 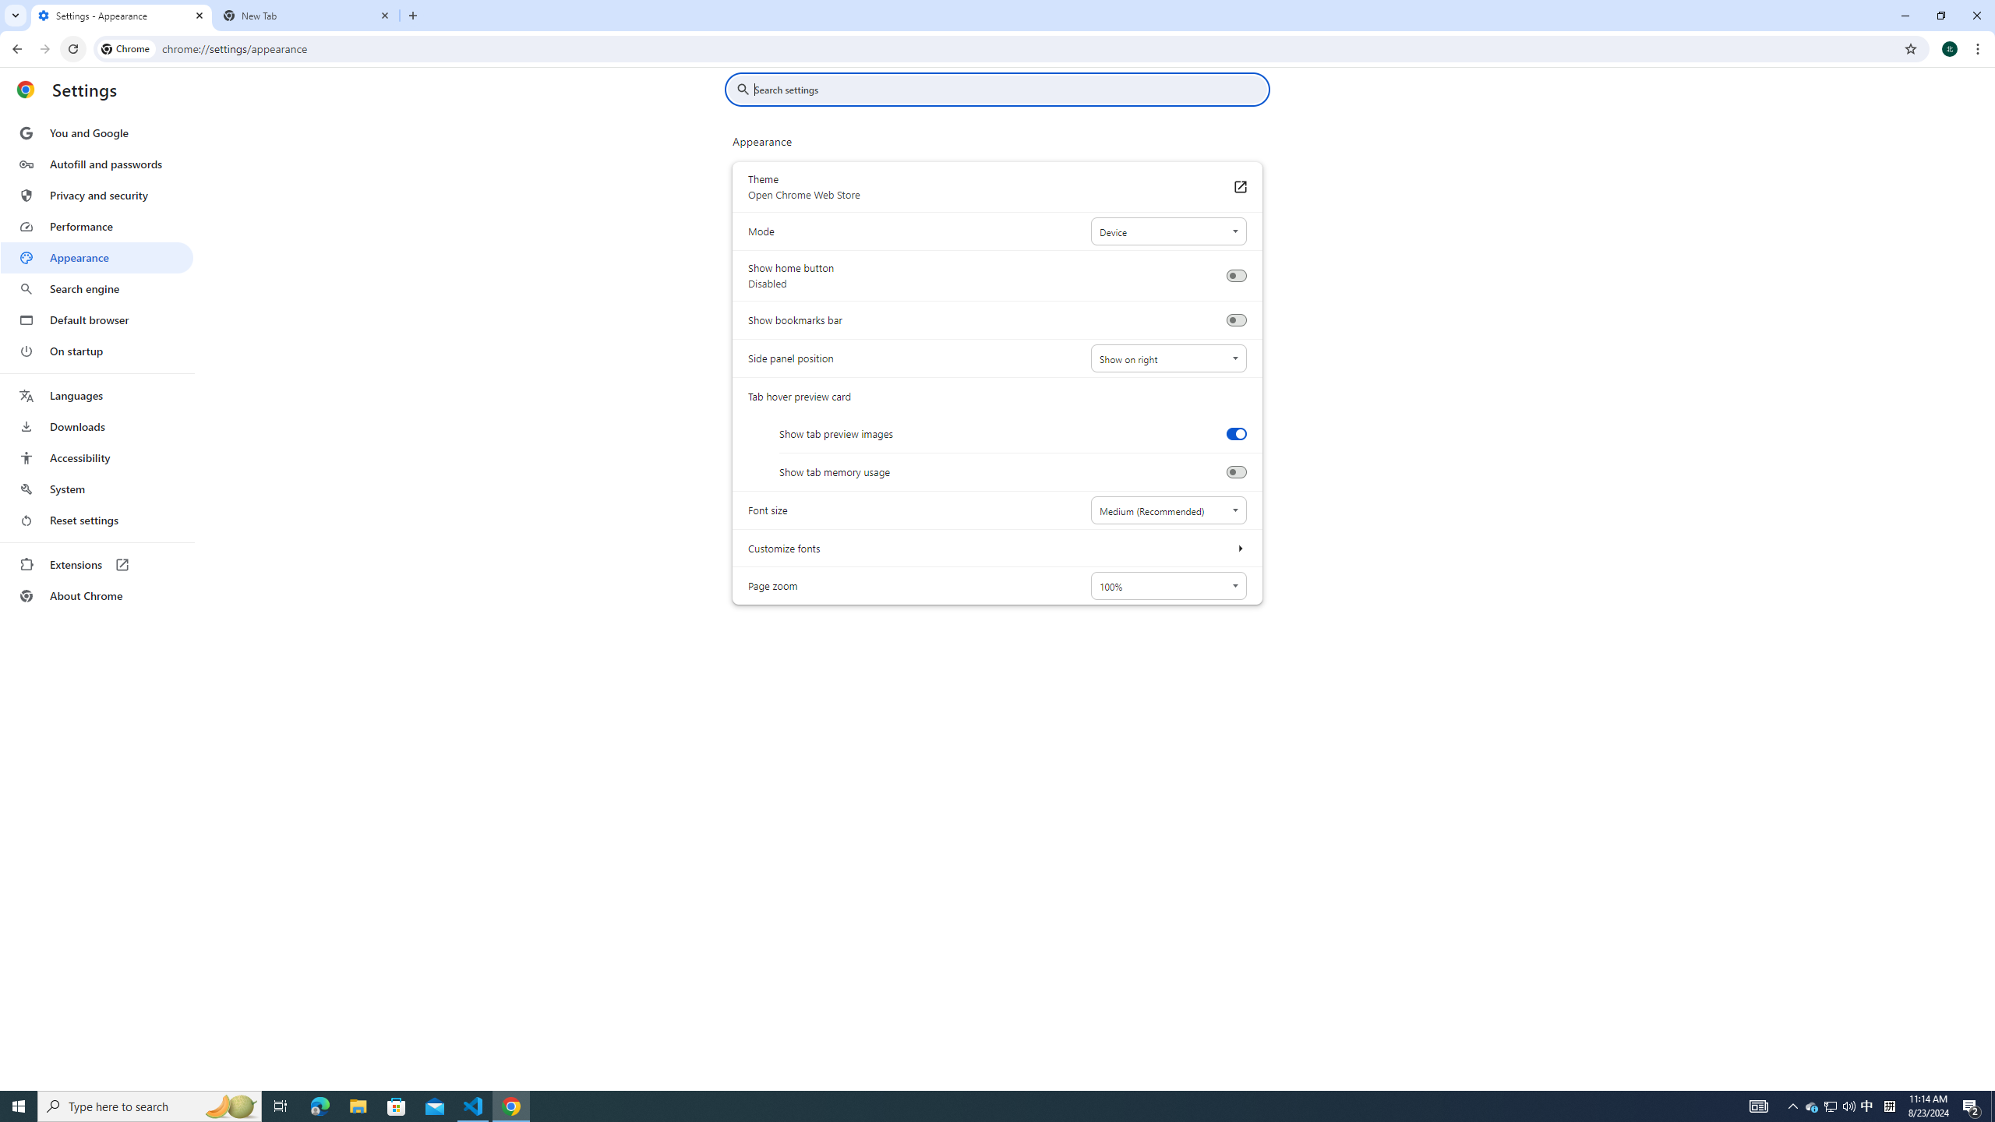 What do you see at coordinates (96, 520) in the screenshot?
I see `'Reset settings'` at bounding box center [96, 520].